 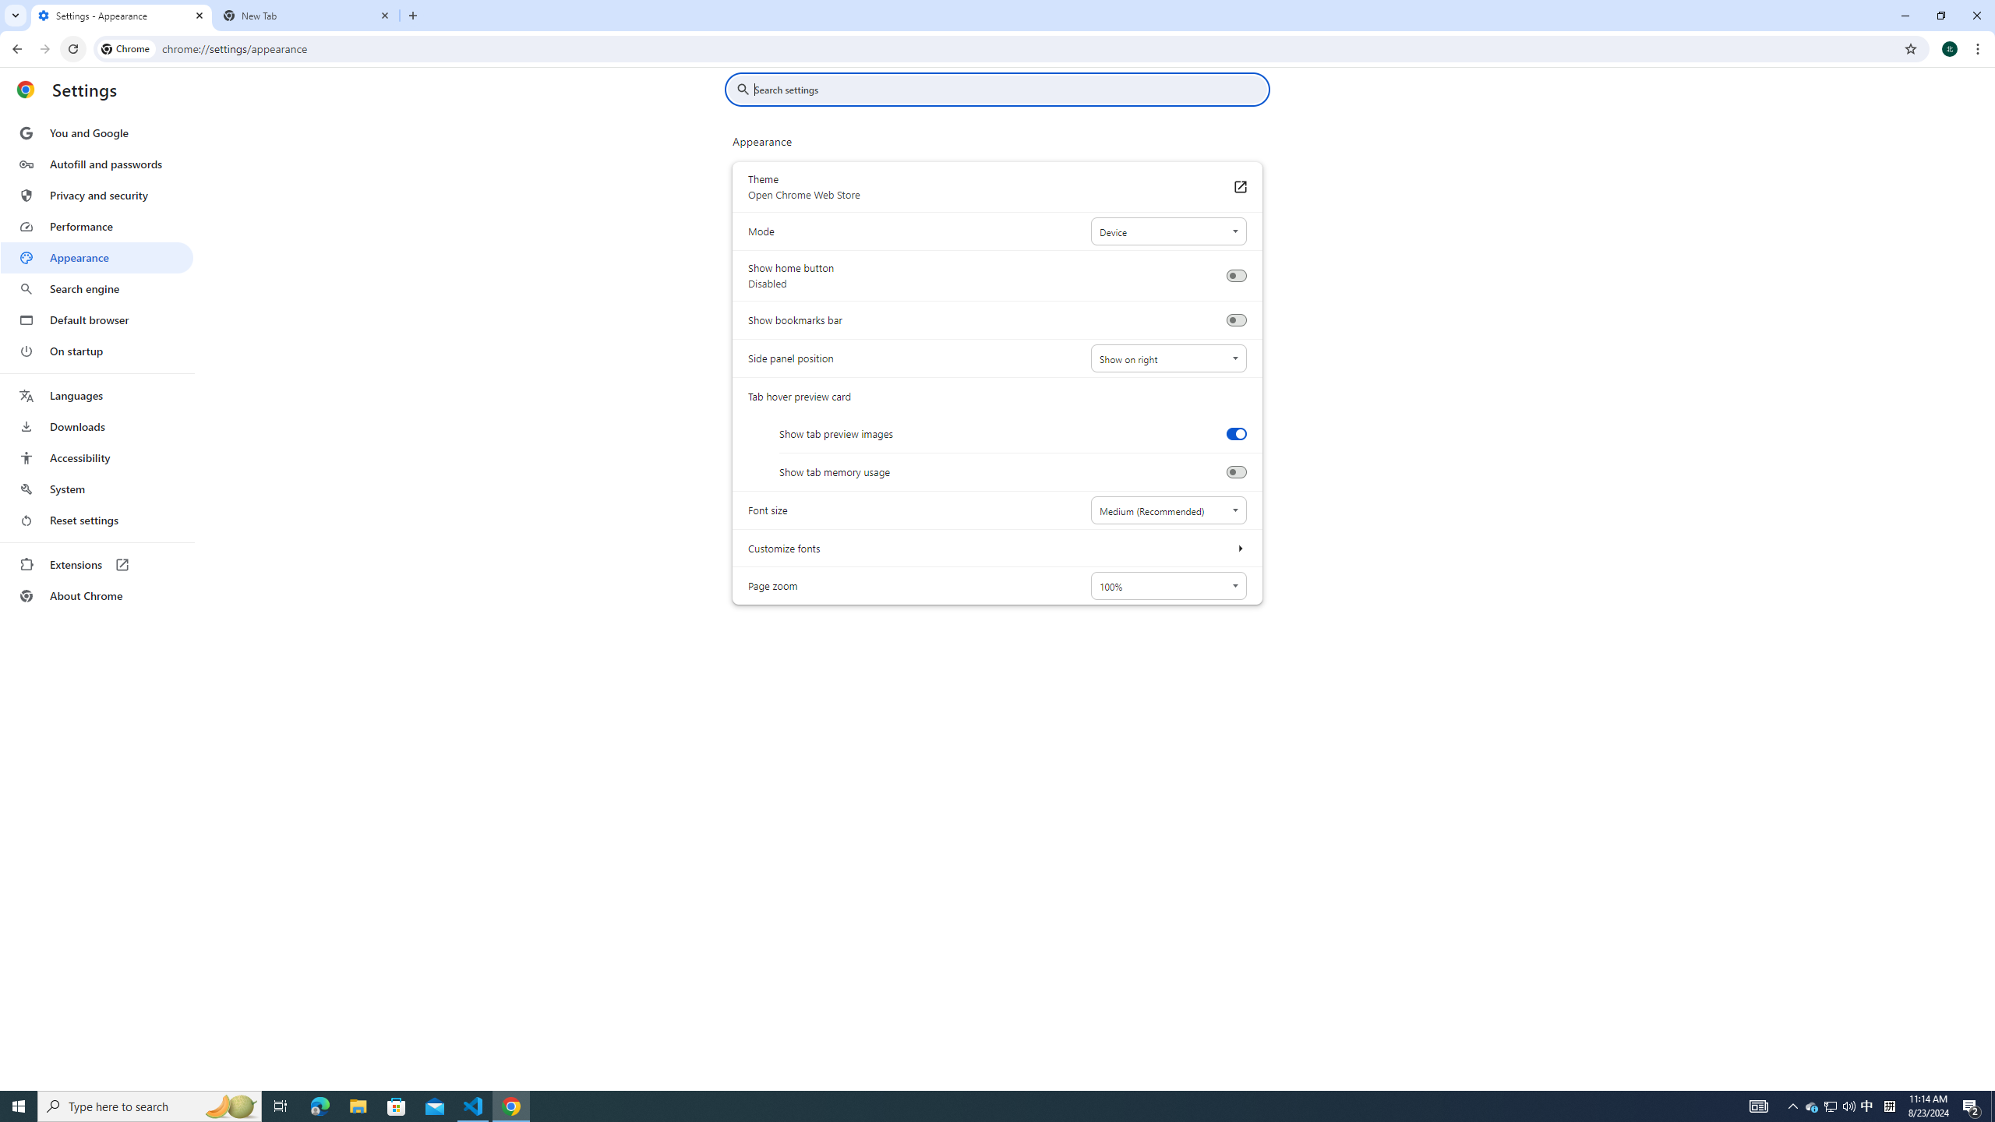 What do you see at coordinates (96, 520) in the screenshot?
I see `'Reset settings'` at bounding box center [96, 520].